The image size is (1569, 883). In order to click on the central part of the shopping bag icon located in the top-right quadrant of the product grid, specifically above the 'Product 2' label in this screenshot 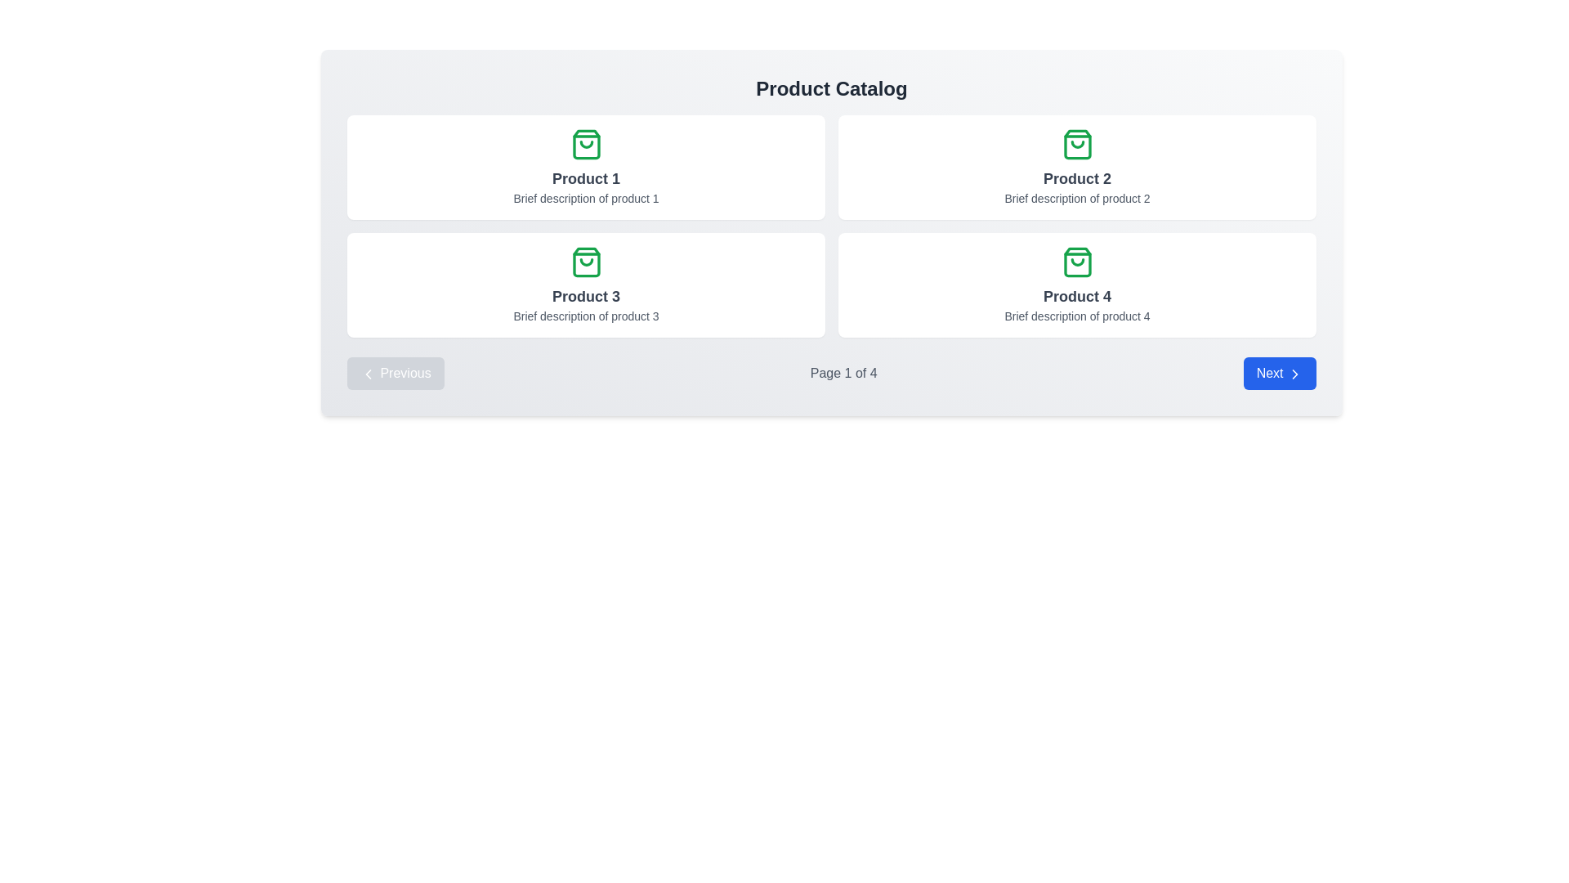, I will do `click(1077, 144)`.